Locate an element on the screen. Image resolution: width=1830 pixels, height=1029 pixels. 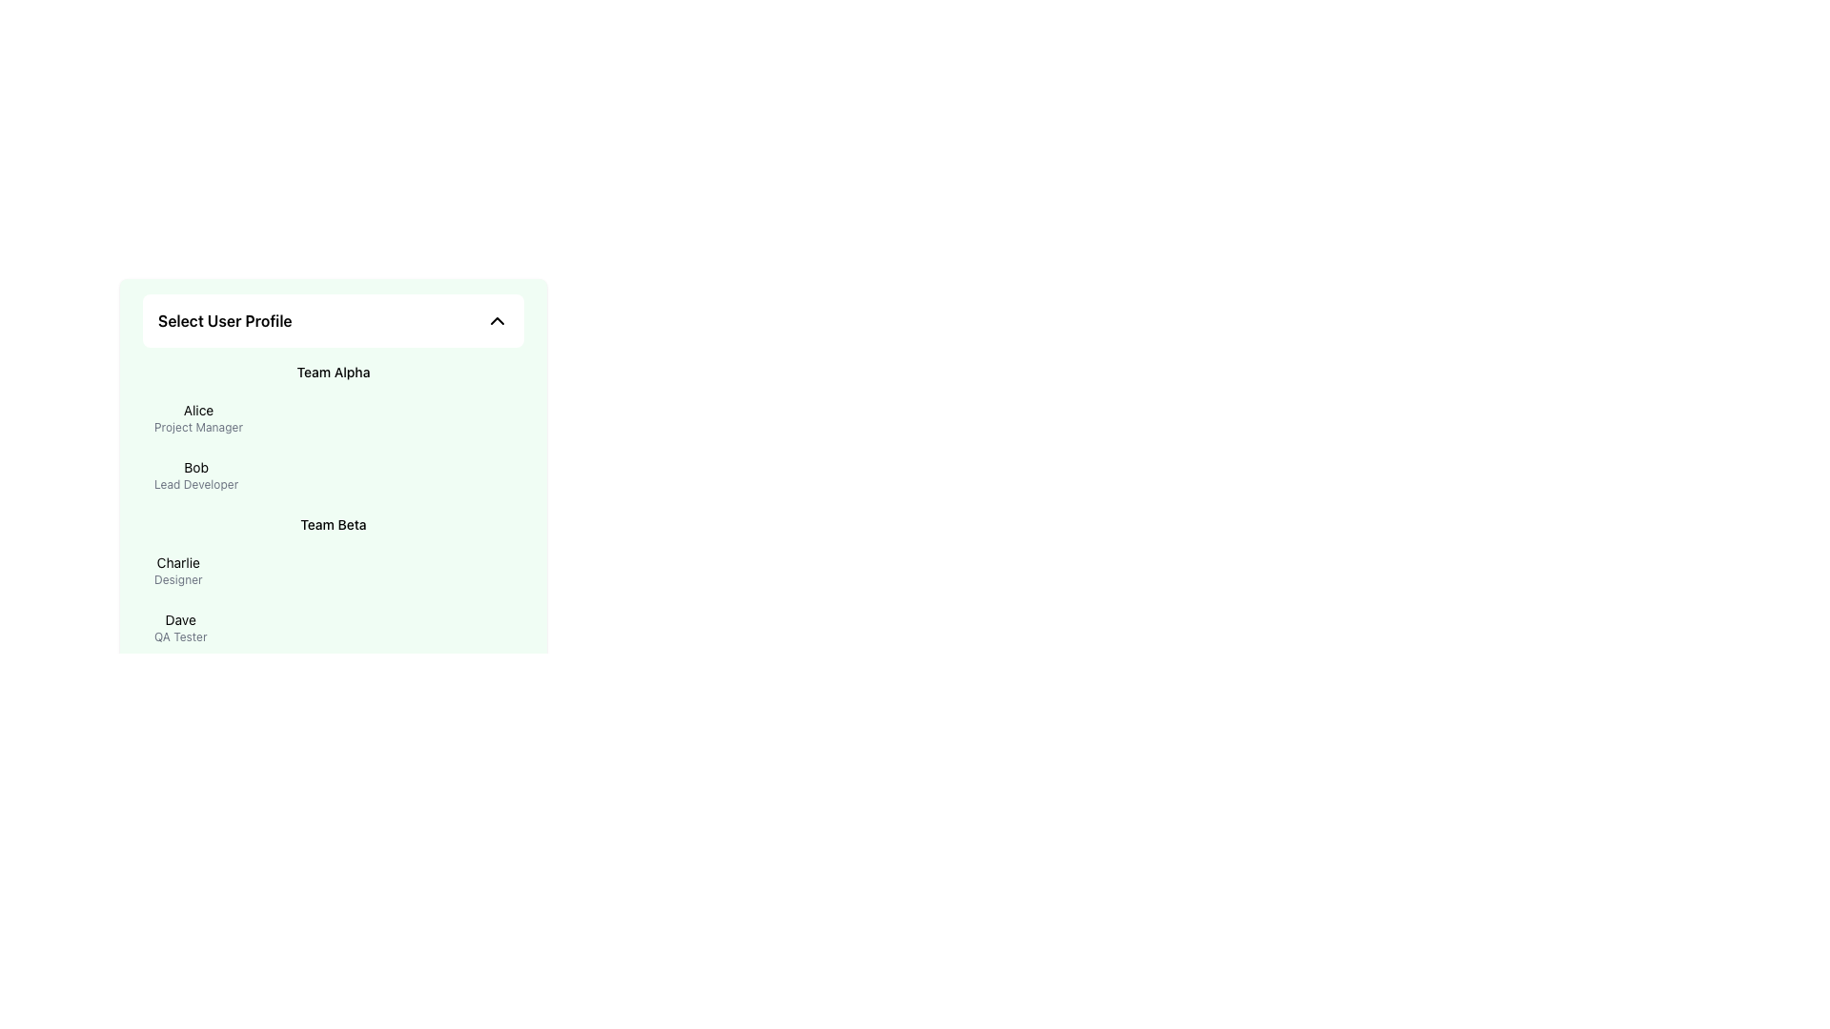
the text label displaying 'Designer' located below 'Charlie' in the 'Team Beta' section is located at coordinates (178, 579).